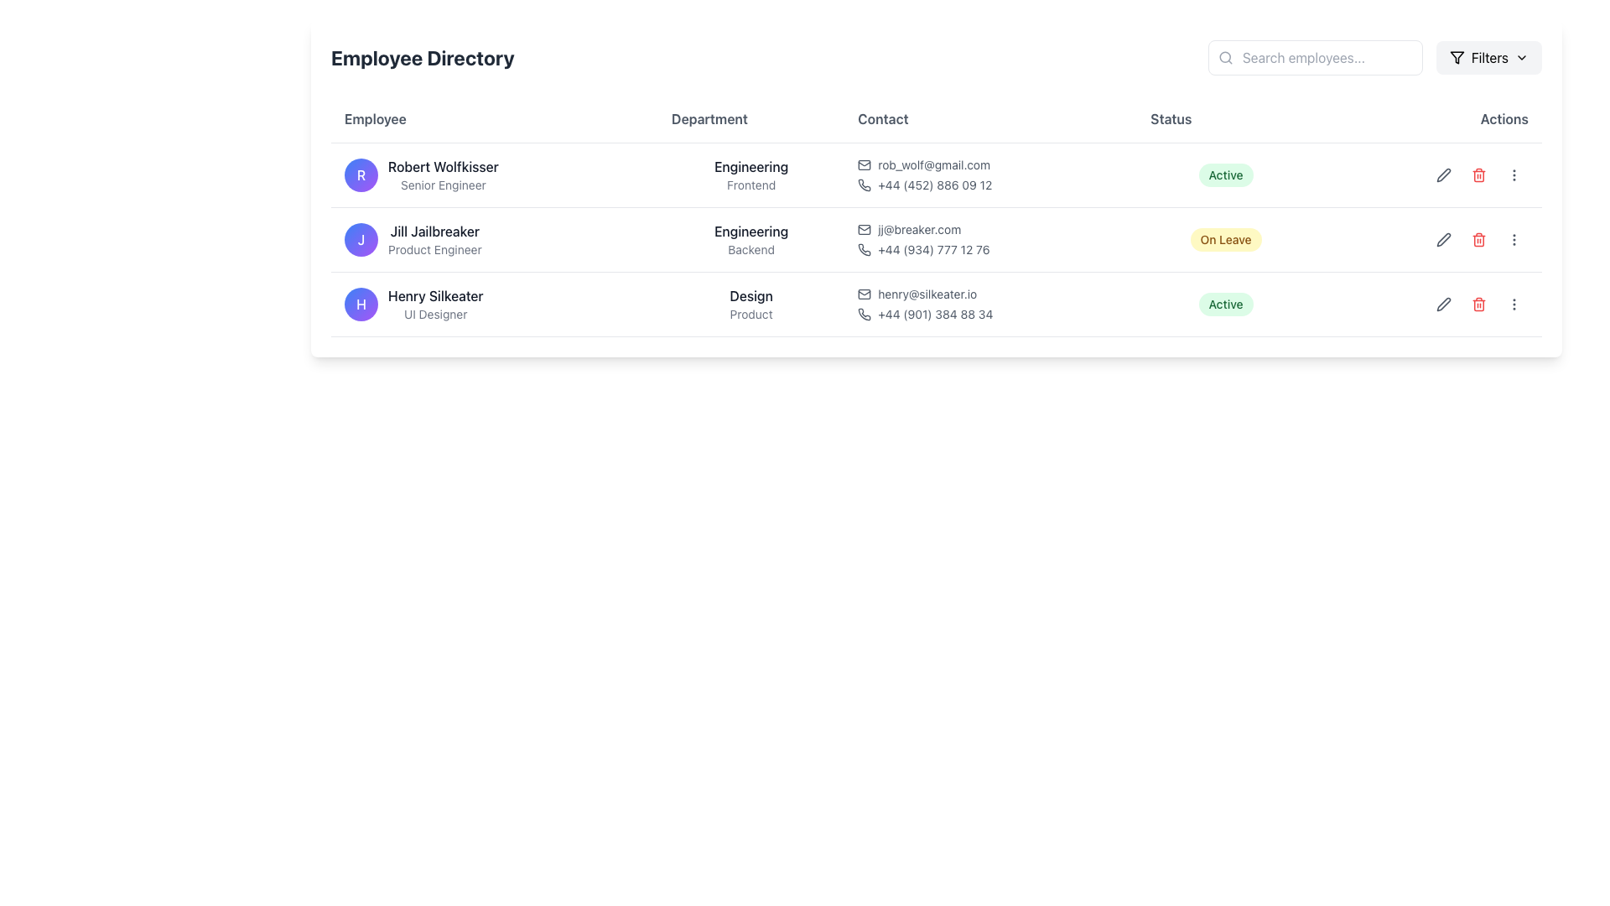 This screenshot has height=906, width=1610. Describe the element at coordinates (1226, 174) in the screenshot. I see `status displayed on the 'Active' label, which is a green status indicator with rounded edges located in the 'Status' column of the first row` at that location.